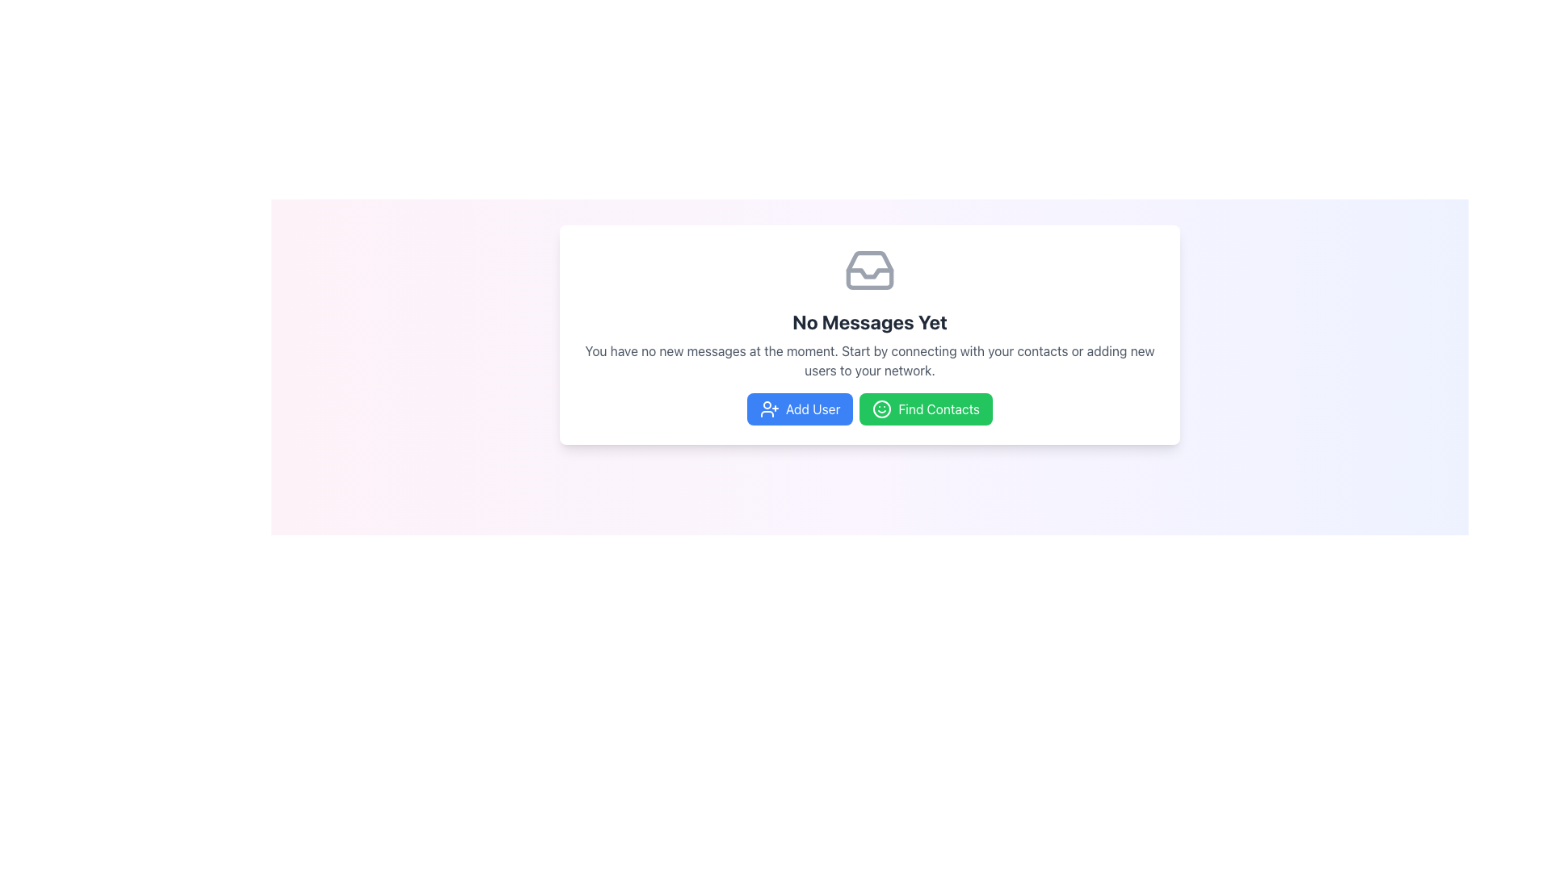  What do you see at coordinates (868, 273) in the screenshot?
I see `the Vector Graphic Component that visually represents an open inbox or message envelope, indicating no messages, located centrally in the upper section of the content area, above the text labeled 'No Messages Yet.'` at bounding box center [868, 273].